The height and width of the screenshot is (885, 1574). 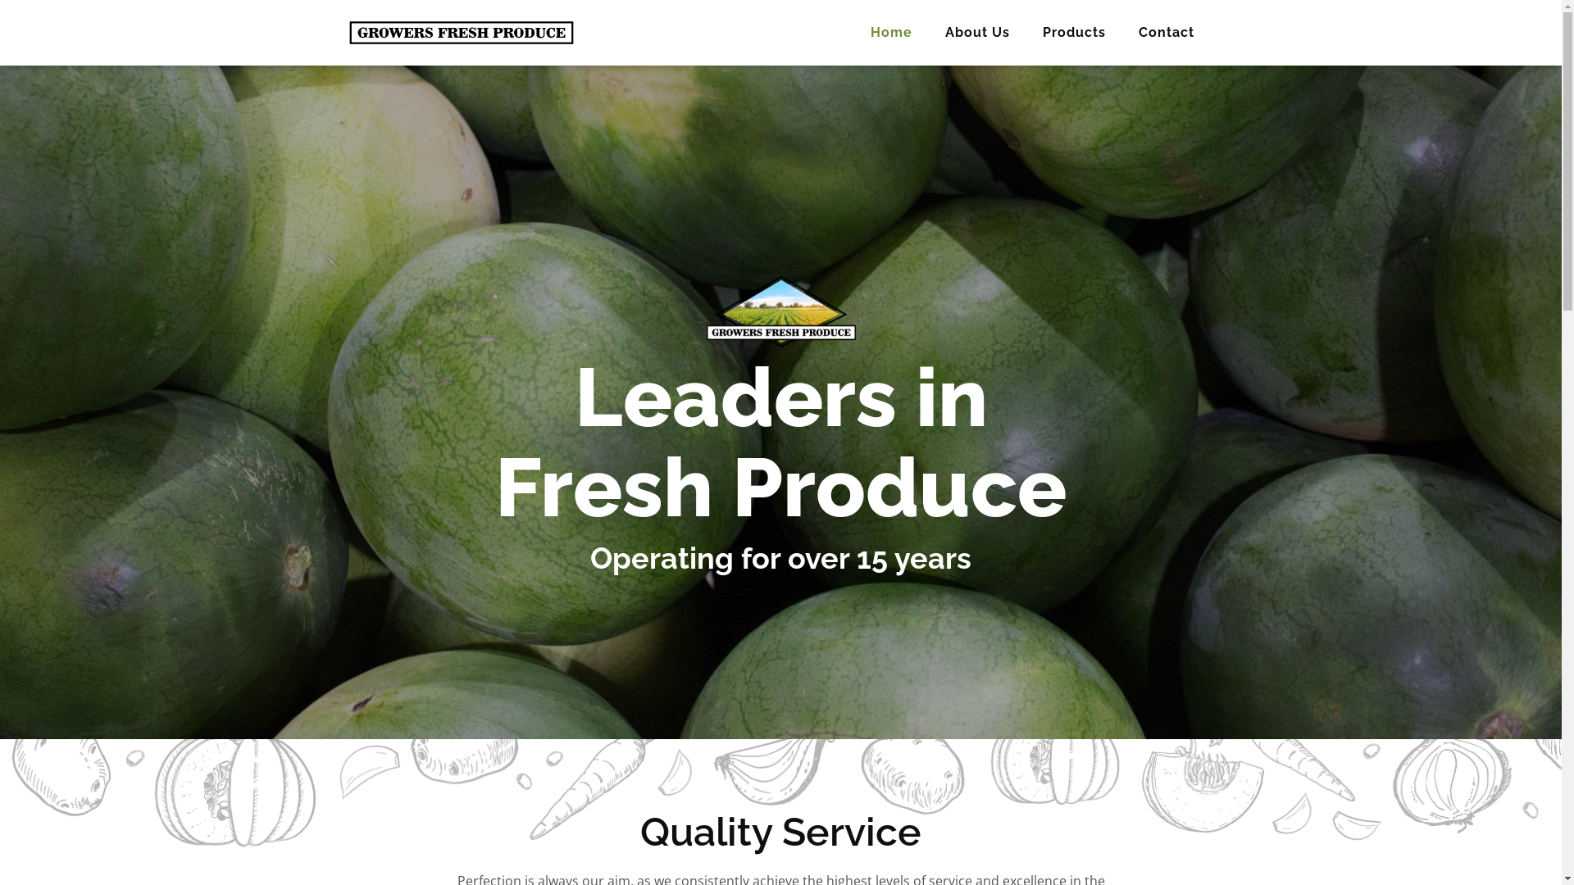 What do you see at coordinates (1074, 32) in the screenshot?
I see `'Products'` at bounding box center [1074, 32].